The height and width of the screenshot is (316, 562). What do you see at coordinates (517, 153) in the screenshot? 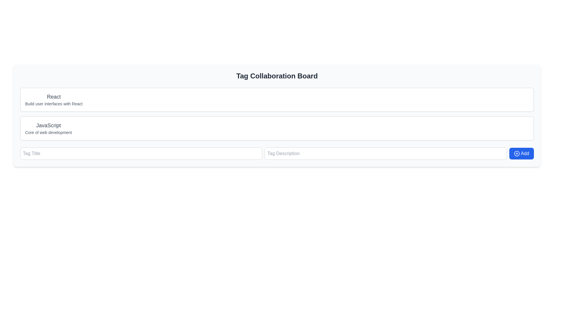
I see `the blue circular icon resembling a '+' sign located within the 'Add' button at the bottom-right corner of the interface` at bounding box center [517, 153].